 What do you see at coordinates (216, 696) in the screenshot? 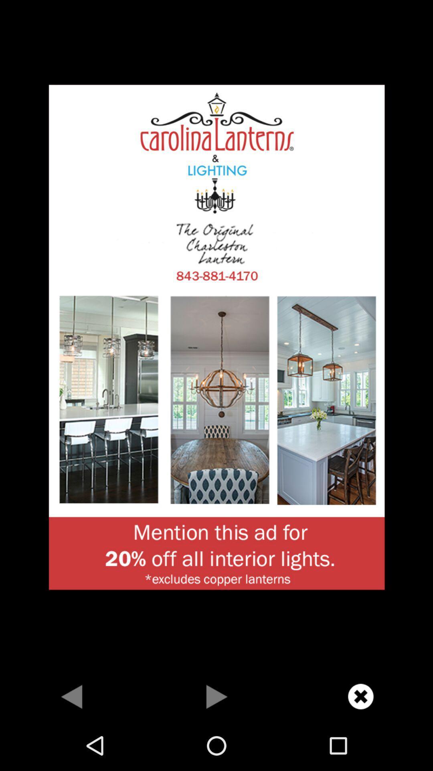
I see `skip ahead` at bounding box center [216, 696].